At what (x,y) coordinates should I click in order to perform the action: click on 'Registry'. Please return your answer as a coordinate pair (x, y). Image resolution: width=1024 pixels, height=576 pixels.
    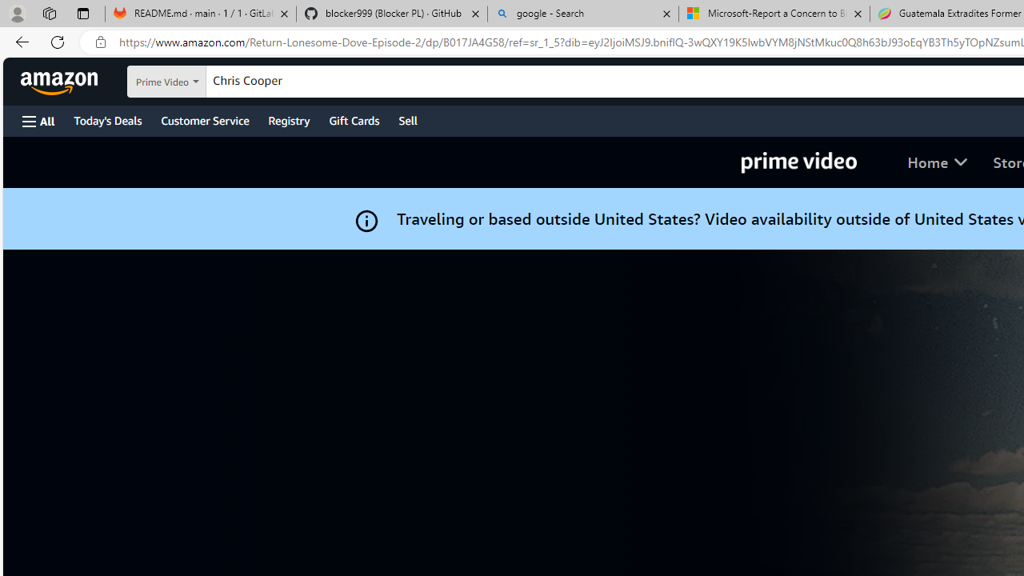
    Looking at the image, I should click on (288, 119).